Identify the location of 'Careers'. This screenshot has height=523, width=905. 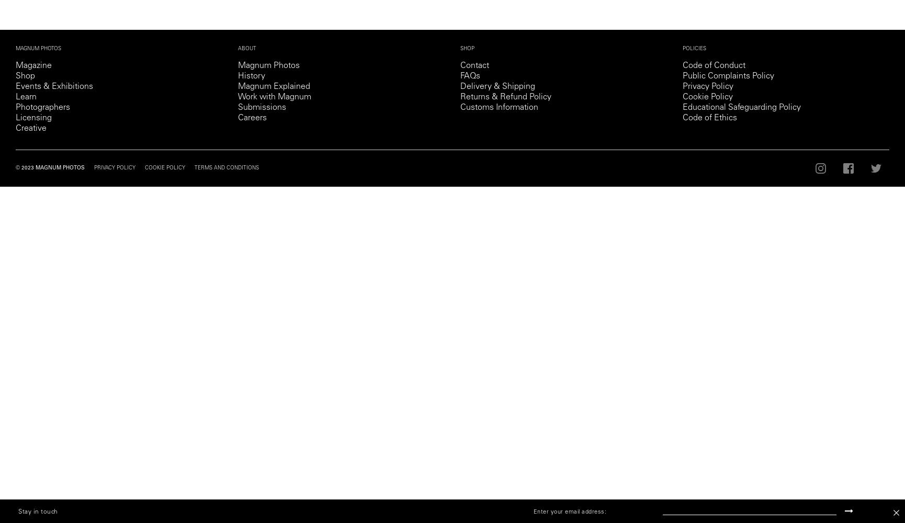
(252, 118).